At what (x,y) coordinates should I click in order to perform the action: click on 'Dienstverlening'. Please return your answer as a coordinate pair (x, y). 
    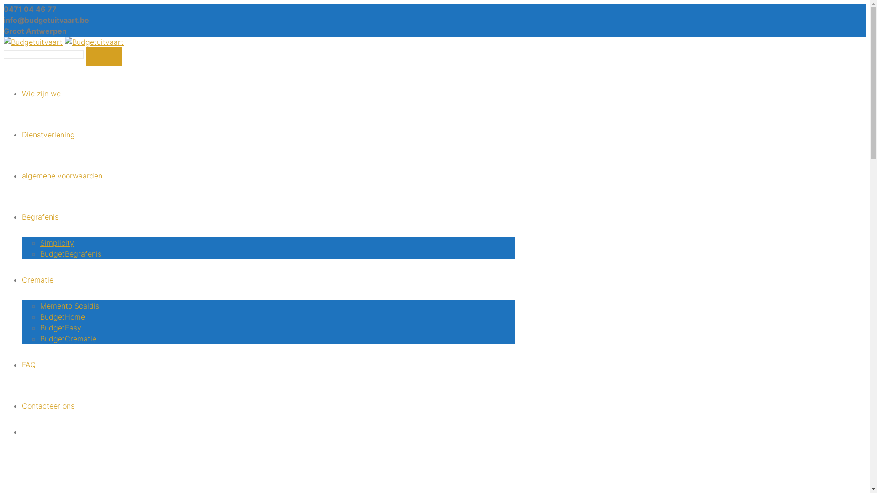
    Looking at the image, I should click on (48, 134).